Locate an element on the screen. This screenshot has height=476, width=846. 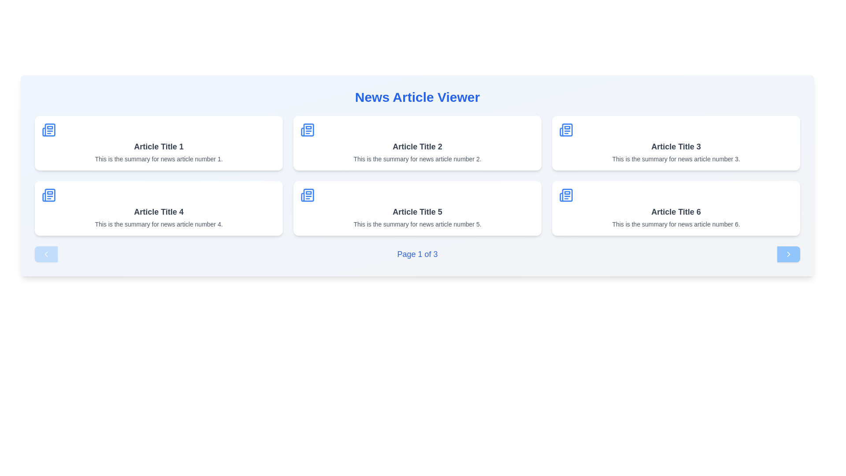
the icon representing 'Article Title 5' is located at coordinates (307, 195).